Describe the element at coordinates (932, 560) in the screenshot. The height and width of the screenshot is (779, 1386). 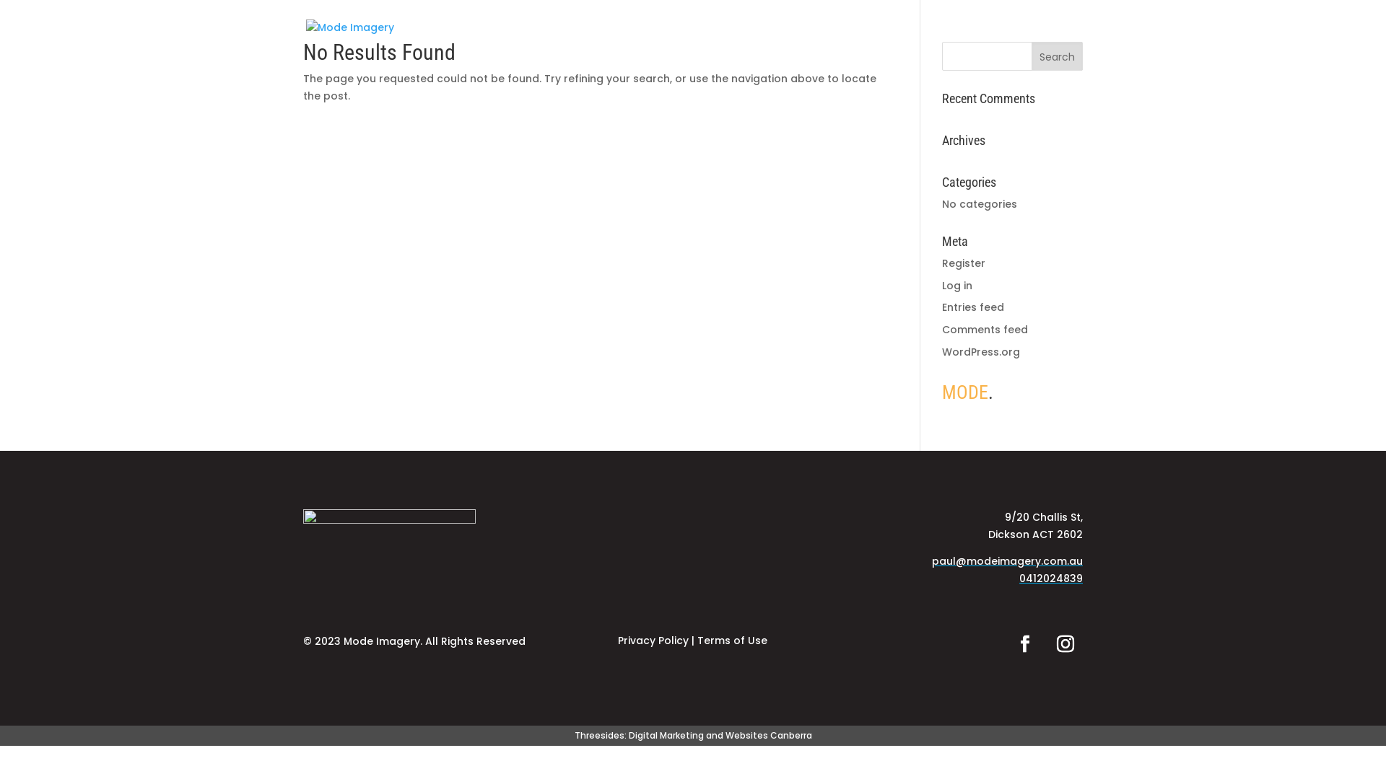
I see `'paul@modeimagery.com.au'` at that location.